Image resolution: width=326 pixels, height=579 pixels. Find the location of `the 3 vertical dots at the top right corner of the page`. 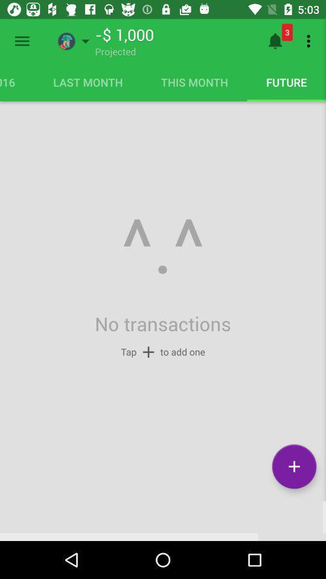

the 3 vertical dots at the top right corner of the page is located at coordinates (310, 41).